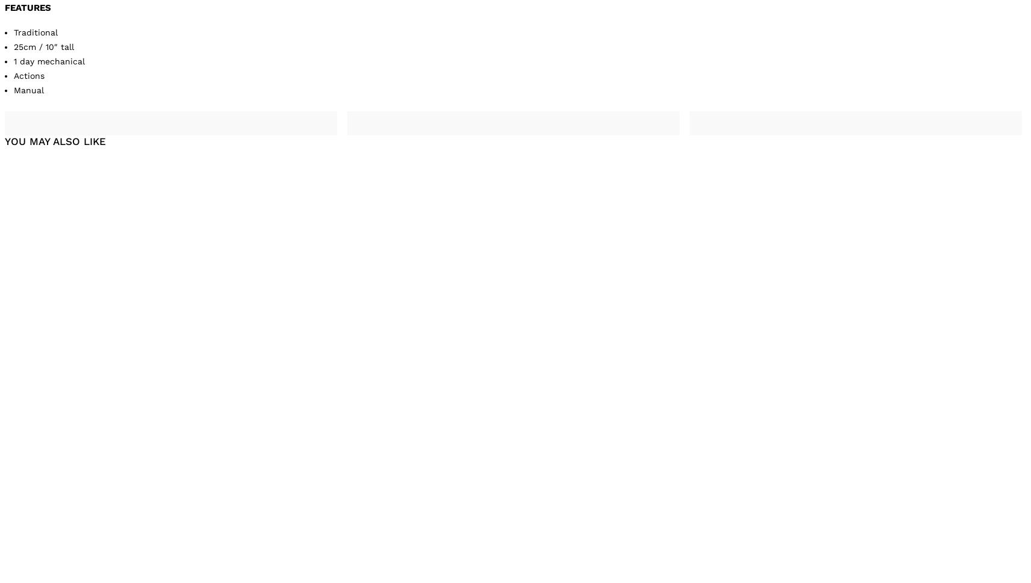 The image size is (1031, 583). What do you see at coordinates (666, 537) in the screenshot?
I see `'Cuckoo clock with Edelweiss flowers and bird'` at bounding box center [666, 537].